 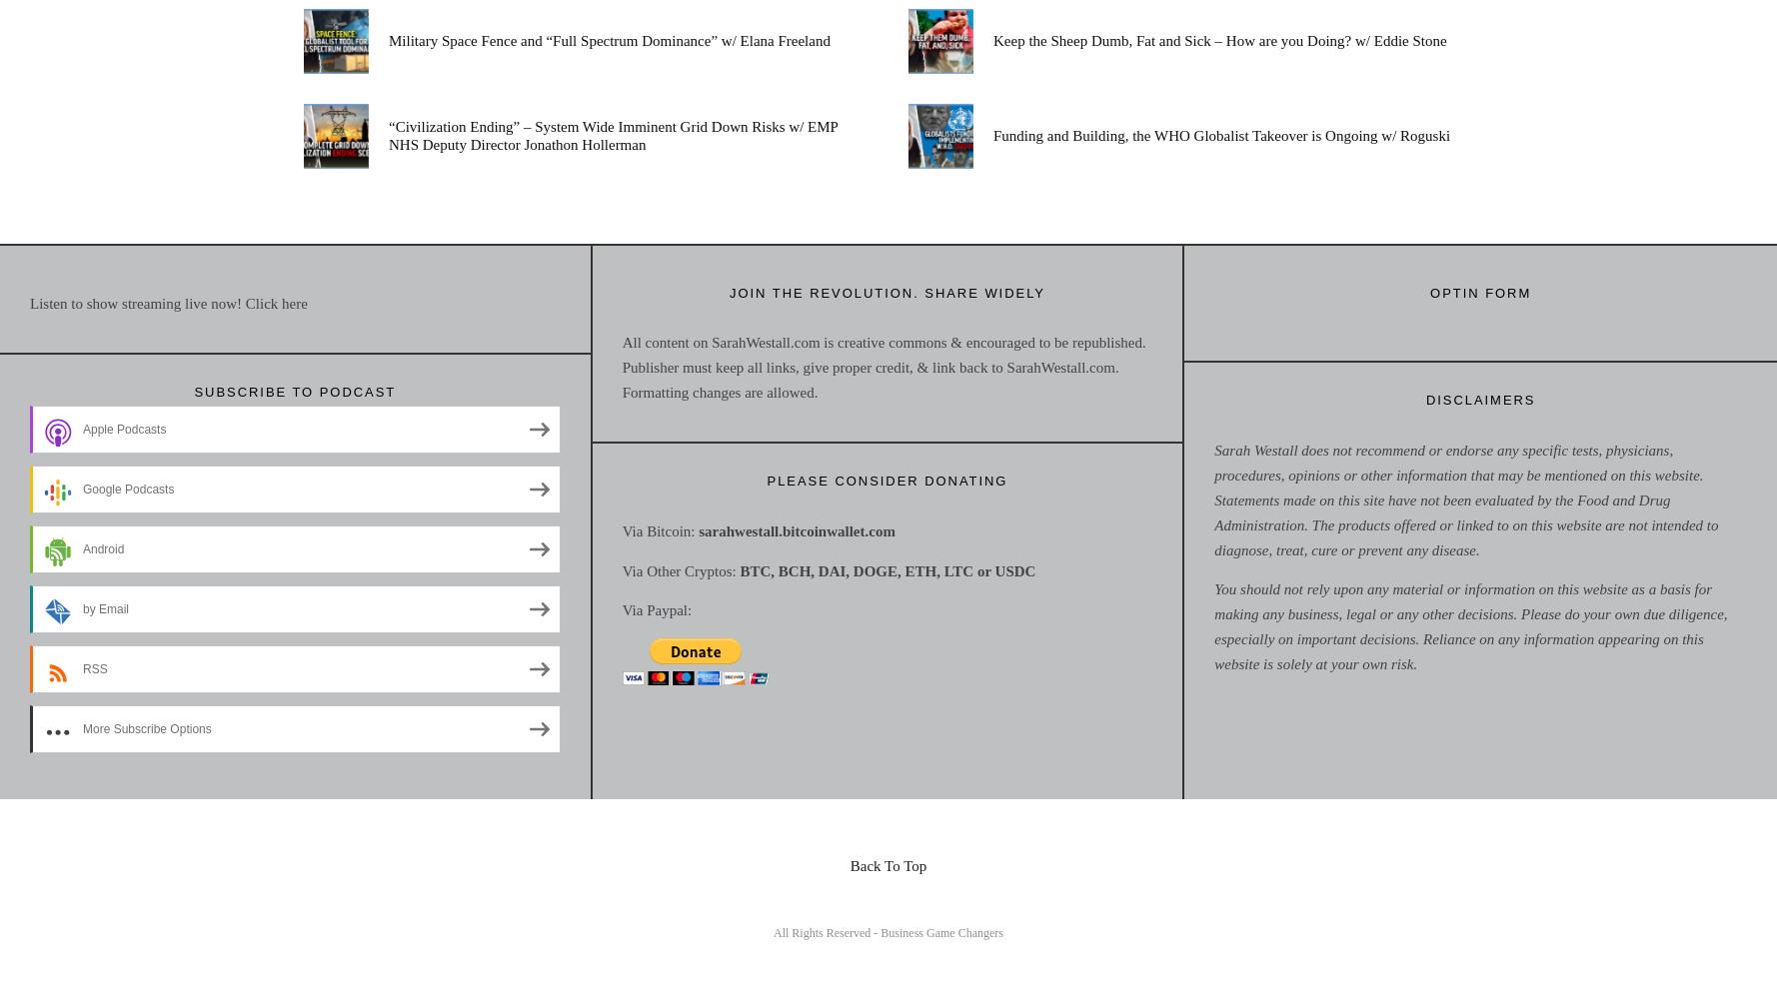 What do you see at coordinates (680, 570) in the screenshot?
I see `'Via Other Cryptos:'` at bounding box center [680, 570].